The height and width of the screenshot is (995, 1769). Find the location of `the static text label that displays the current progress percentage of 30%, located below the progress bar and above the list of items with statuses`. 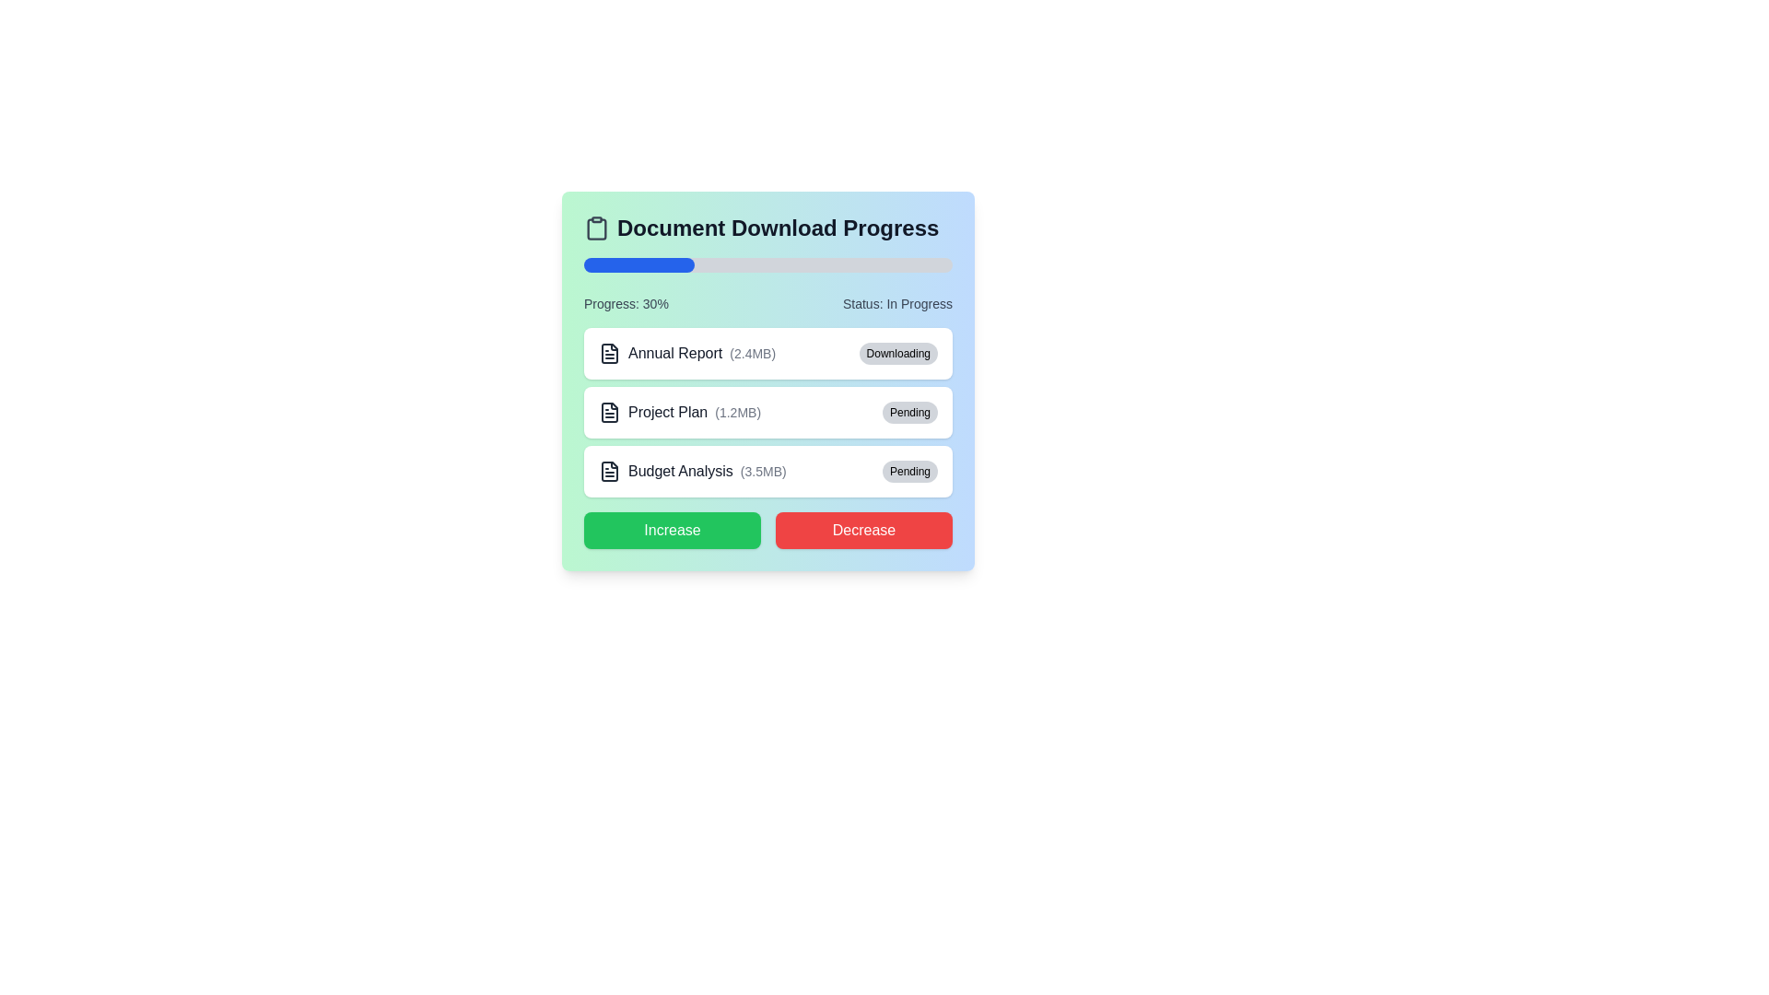

the static text label that displays the current progress percentage of 30%, located below the progress bar and above the list of items with statuses is located at coordinates (626, 303).